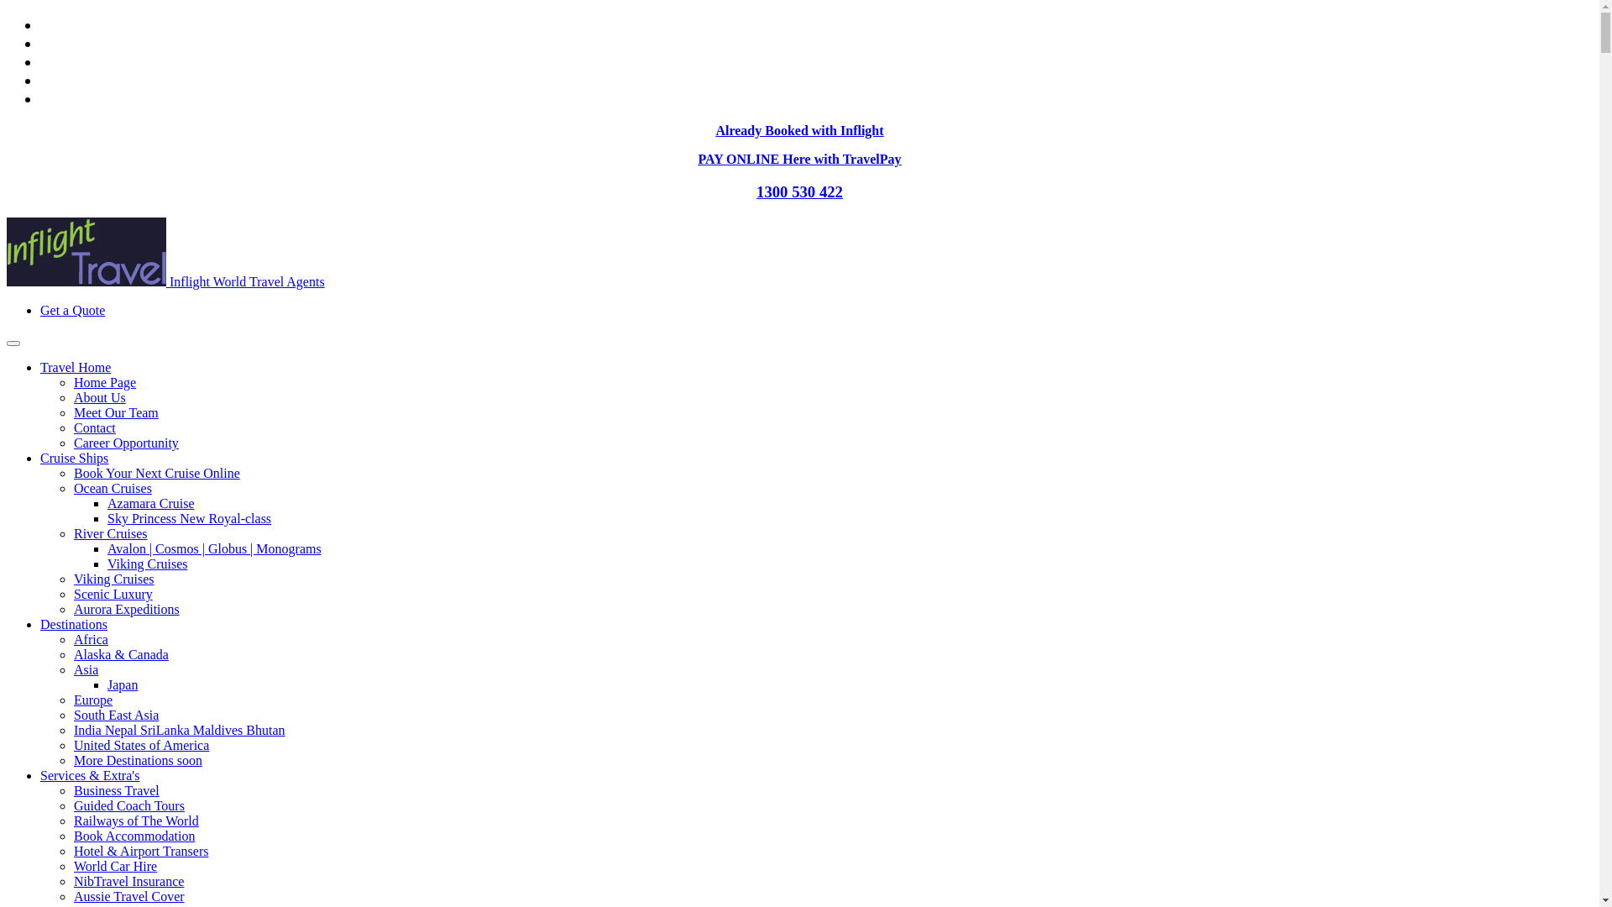 This screenshot has height=907, width=1612. Describe the element at coordinates (72, 624) in the screenshot. I see `'Destinations'` at that location.